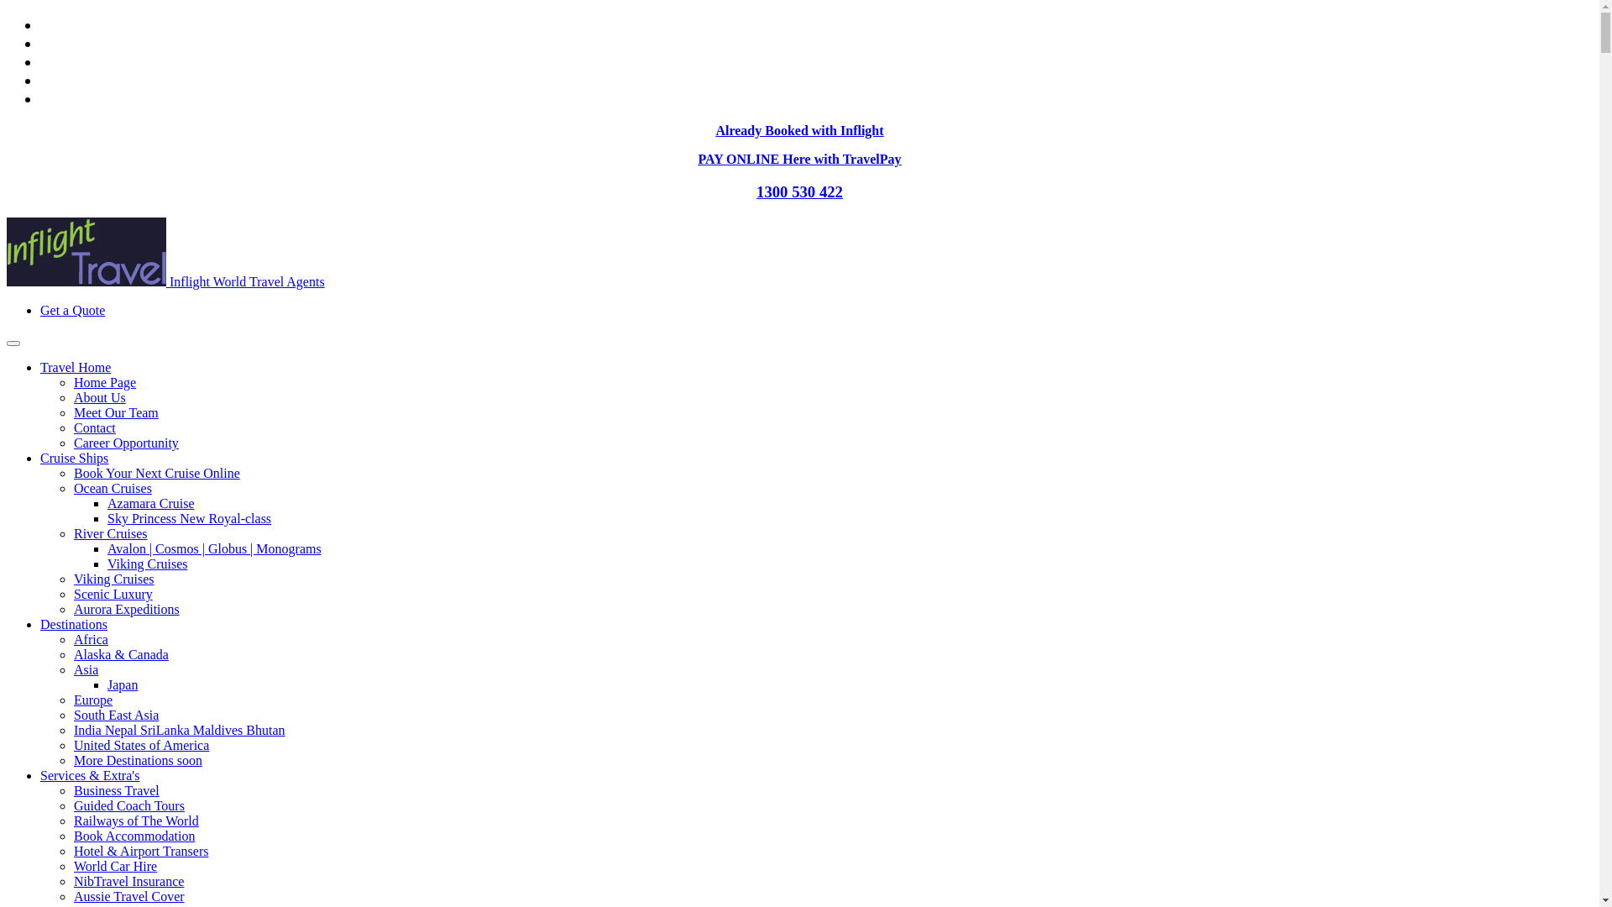 This screenshot has height=907, width=1612. Describe the element at coordinates (72, 624) in the screenshot. I see `'Destinations'` at that location.